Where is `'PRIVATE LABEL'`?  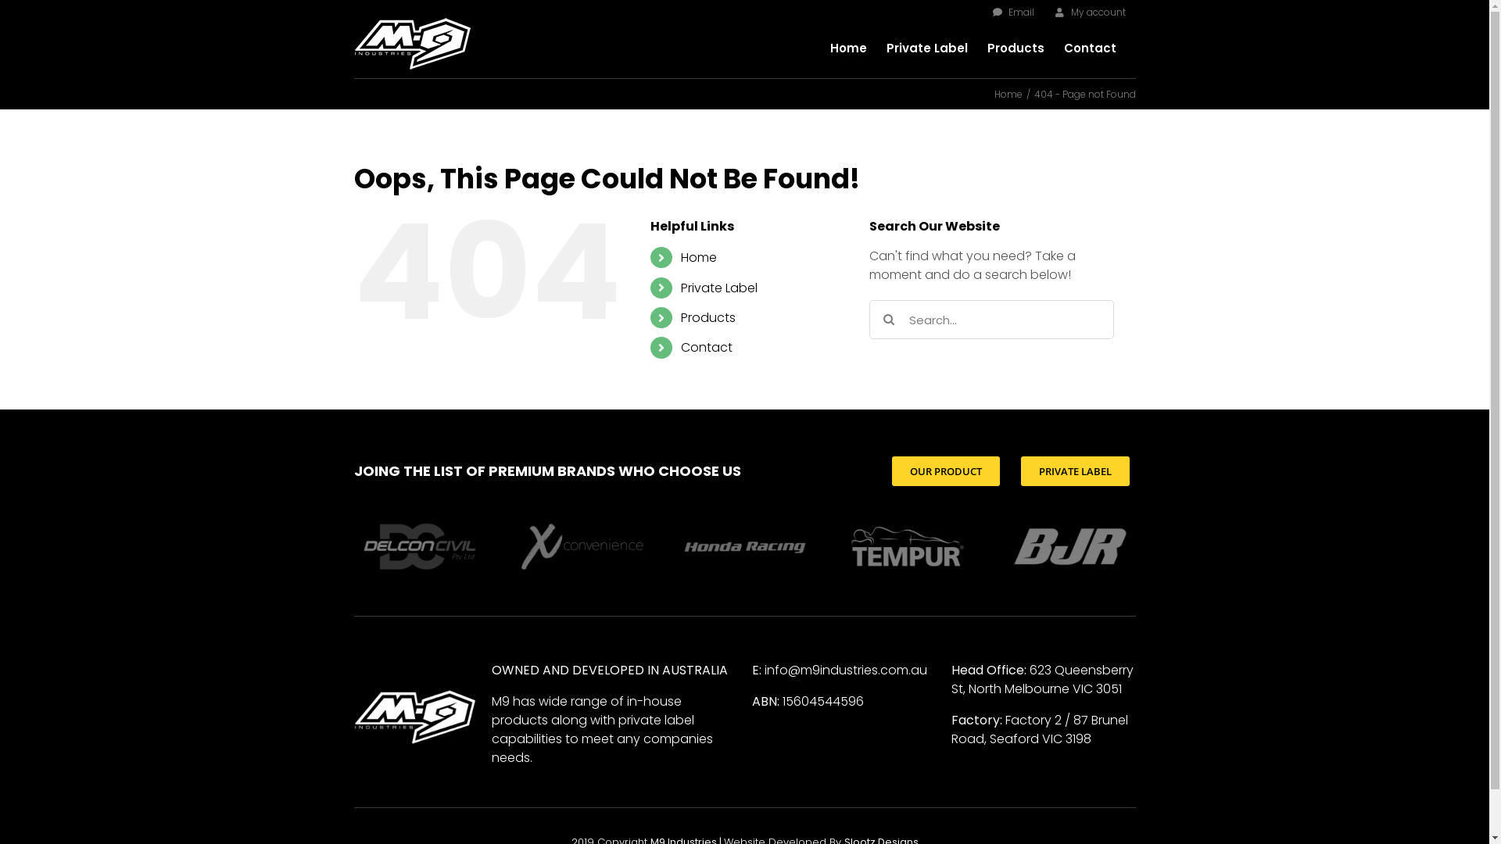
'PRIVATE LABEL' is located at coordinates (1074, 470).